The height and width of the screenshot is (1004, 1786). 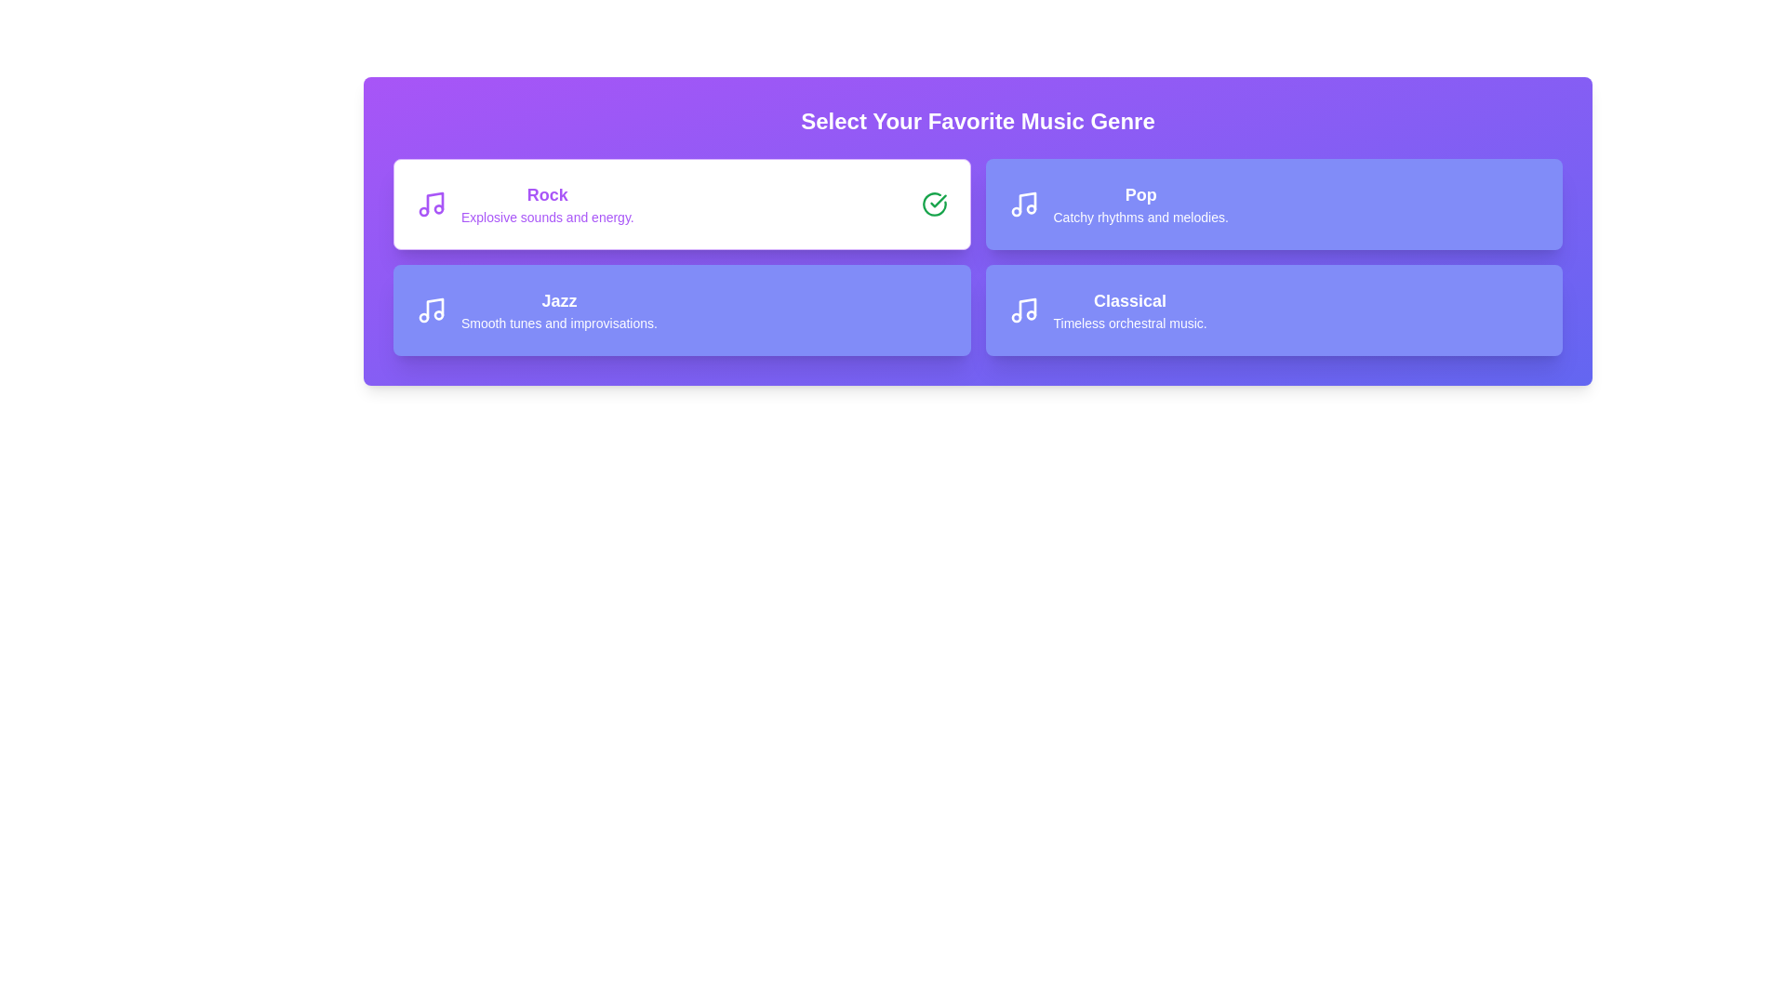 I want to click on the checkmark icon within a green circle indicating confirmation, located on the far right side of the 'Rock' category box adjacent to the text 'Explosive sounds and energy.', so click(x=934, y=204).